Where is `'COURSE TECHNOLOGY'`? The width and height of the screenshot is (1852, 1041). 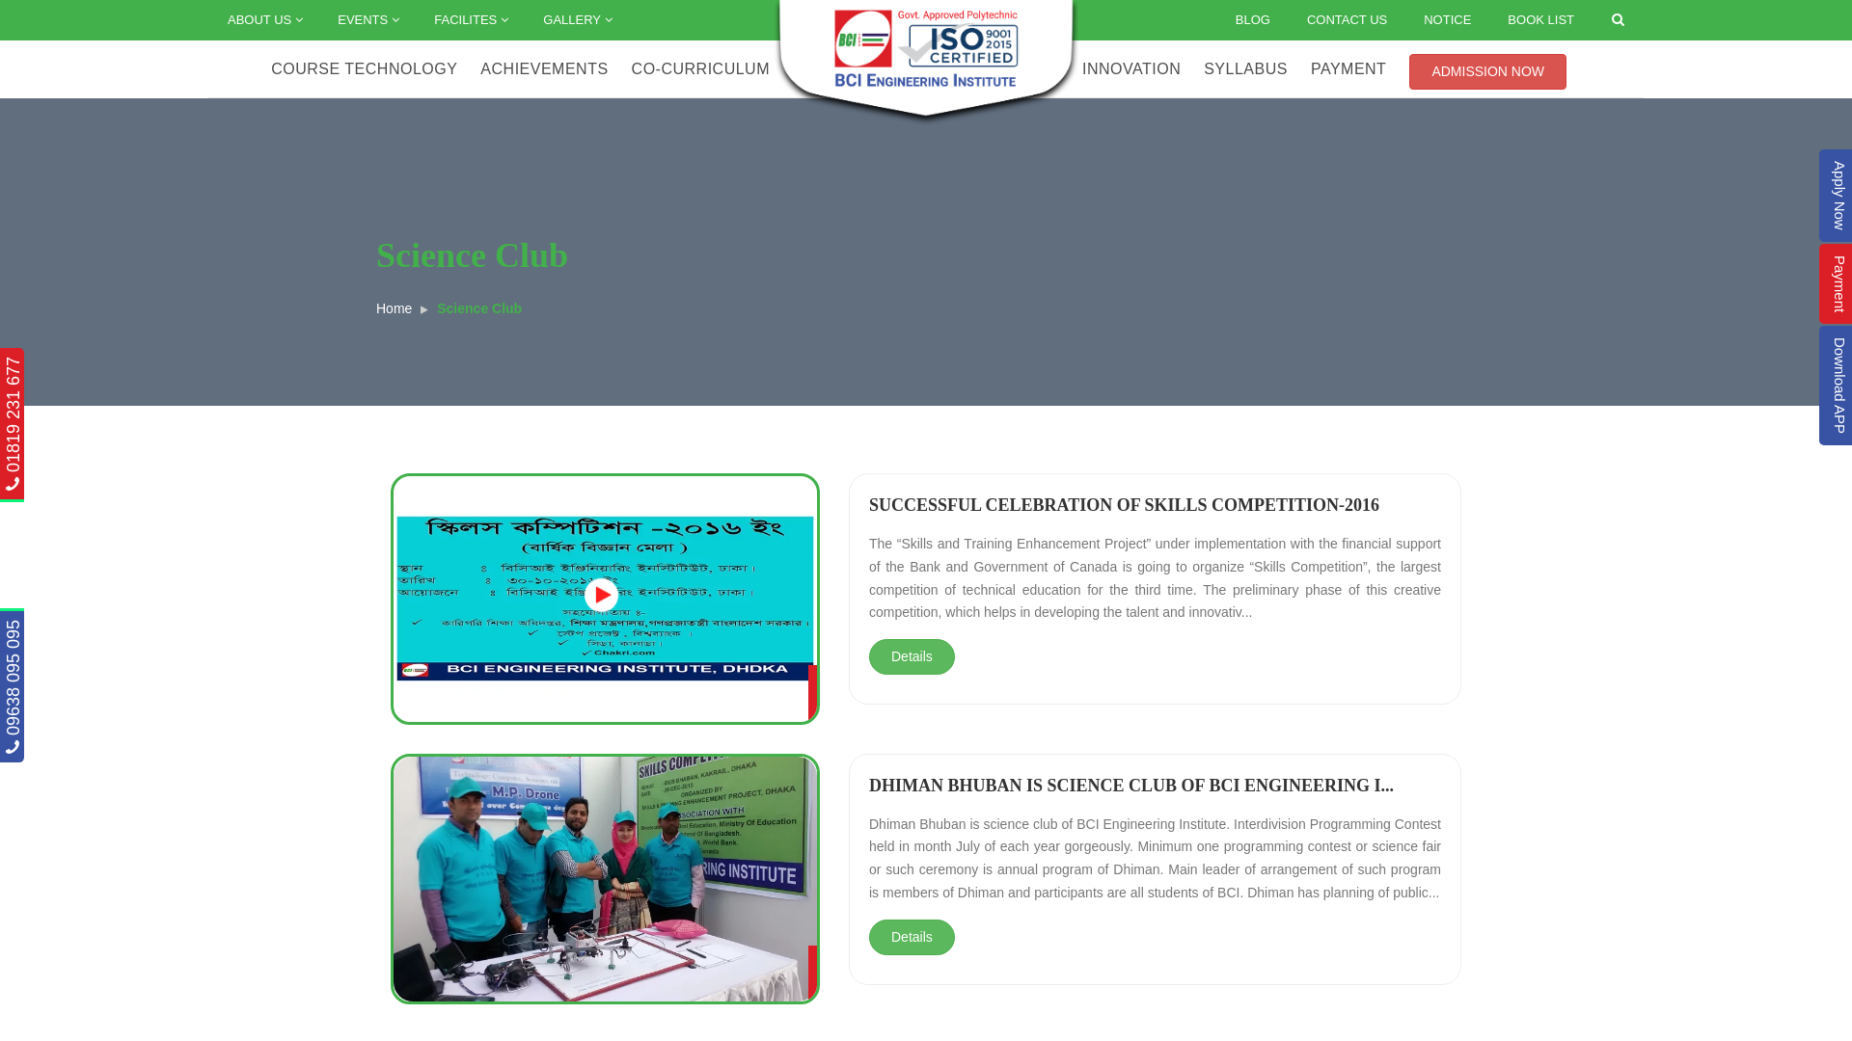
'COURSE TECHNOLOGY' is located at coordinates (270, 70).